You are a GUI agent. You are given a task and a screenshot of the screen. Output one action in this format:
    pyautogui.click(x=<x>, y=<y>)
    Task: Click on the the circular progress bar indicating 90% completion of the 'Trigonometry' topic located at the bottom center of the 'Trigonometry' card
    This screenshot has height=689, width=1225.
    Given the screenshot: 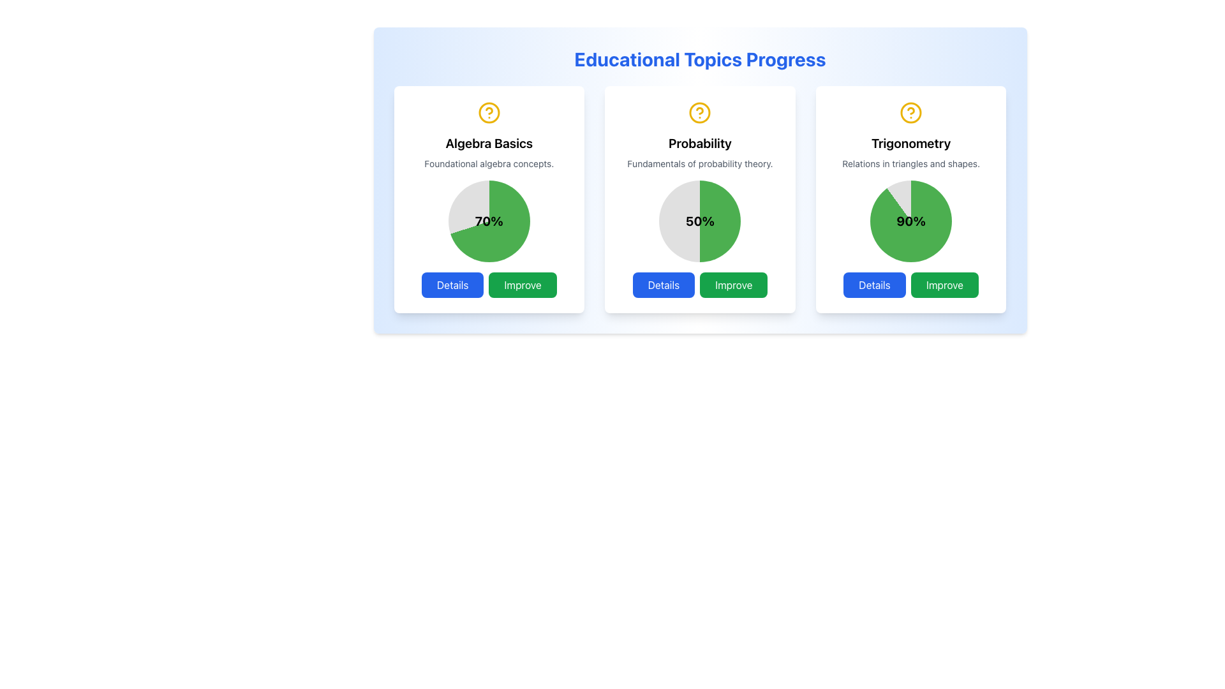 What is the action you would take?
    pyautogui.click(x=910, y=221)
    